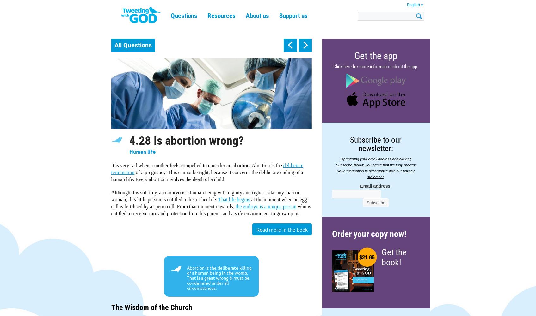  I want to click on 'Questions', so click(184, 16).